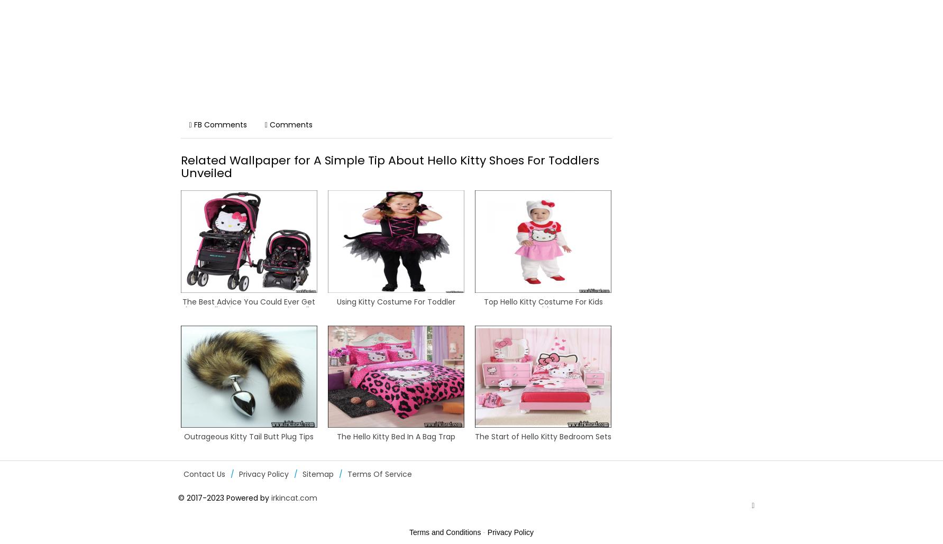 This screenshot has width=943, height=544. Describe the element at coordinates (224, 498) in the screenshot. I see `'© 2017-2023 Powered by'` at that location.